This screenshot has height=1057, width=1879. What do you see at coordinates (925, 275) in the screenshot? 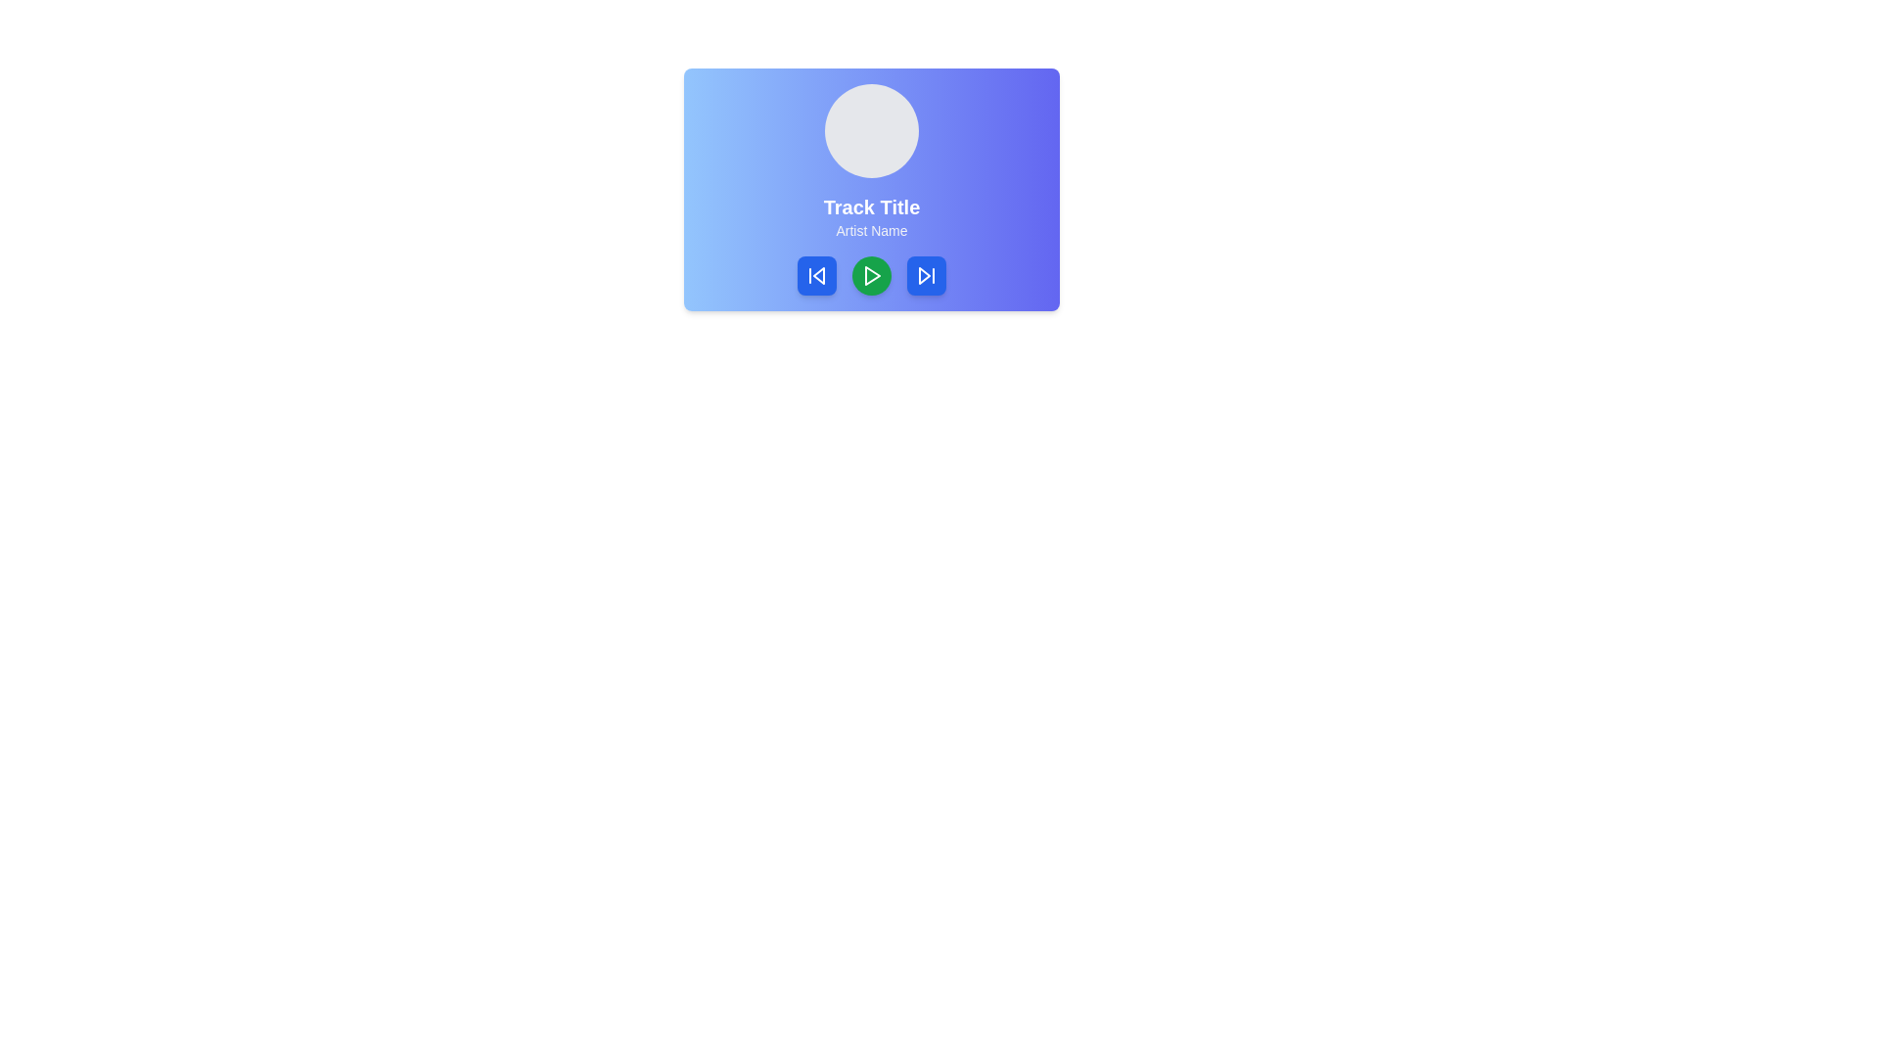
I see `the third button on the right` at bounding box center [925, 275].